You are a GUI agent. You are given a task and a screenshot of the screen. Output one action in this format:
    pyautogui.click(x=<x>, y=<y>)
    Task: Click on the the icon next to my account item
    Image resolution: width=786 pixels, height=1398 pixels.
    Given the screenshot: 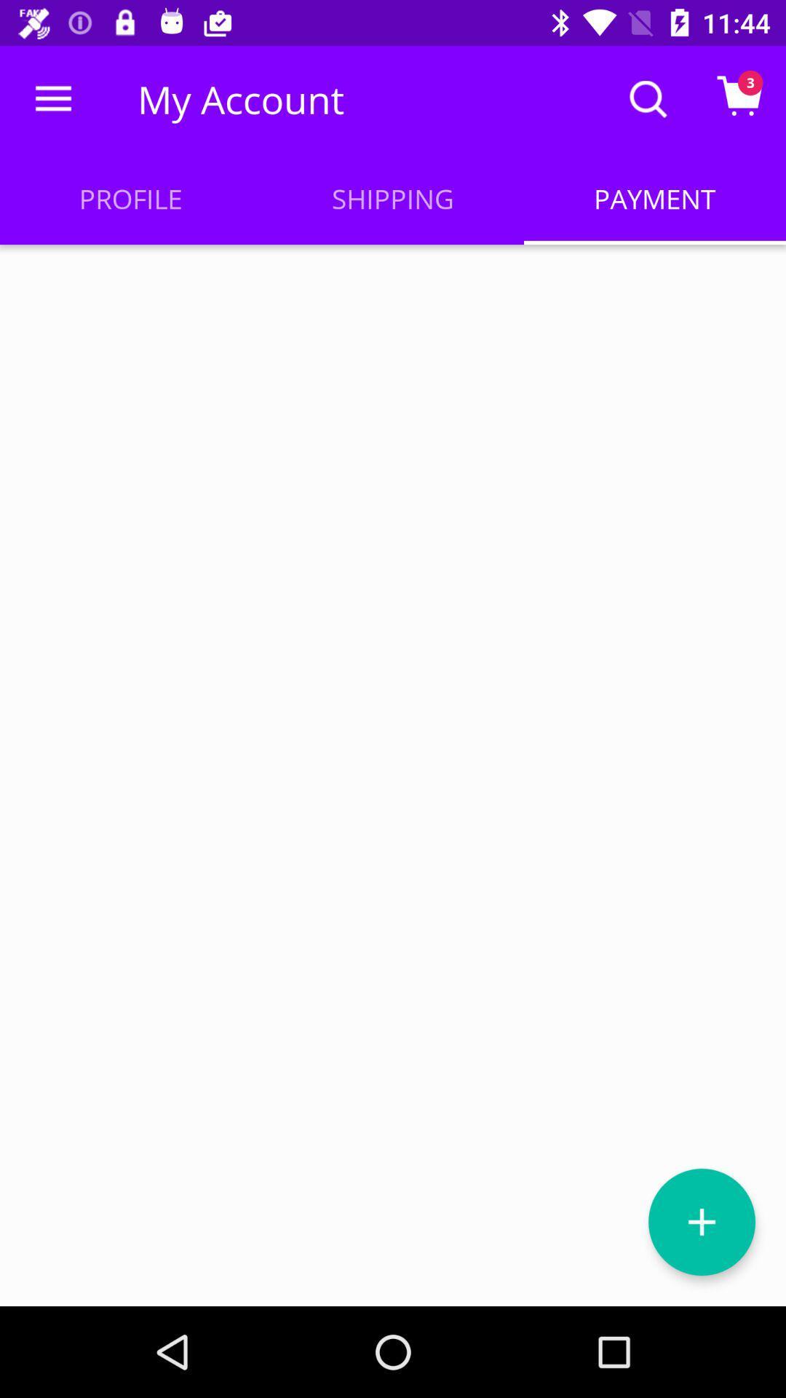 What is the action you would take?
    pyautogui.click(x=52, y=98)
    